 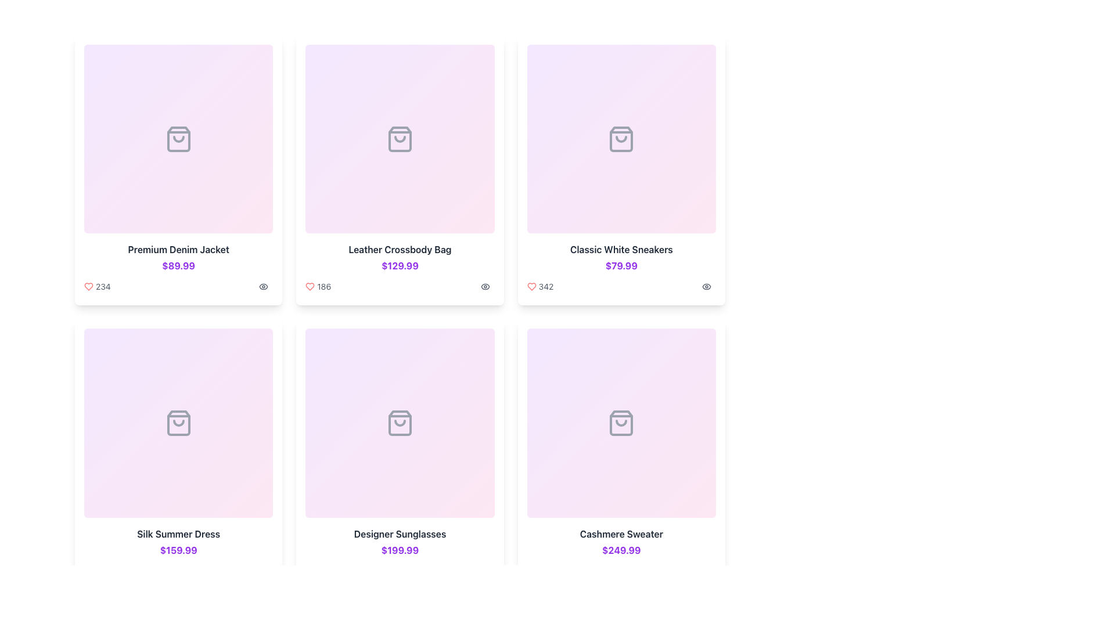 I want to click on number displayed in the text label indicating the likes or interactions for the 'Leather Crossbody Bag', located below the product card and next to a red heart icon, so click(x=324, y=287).